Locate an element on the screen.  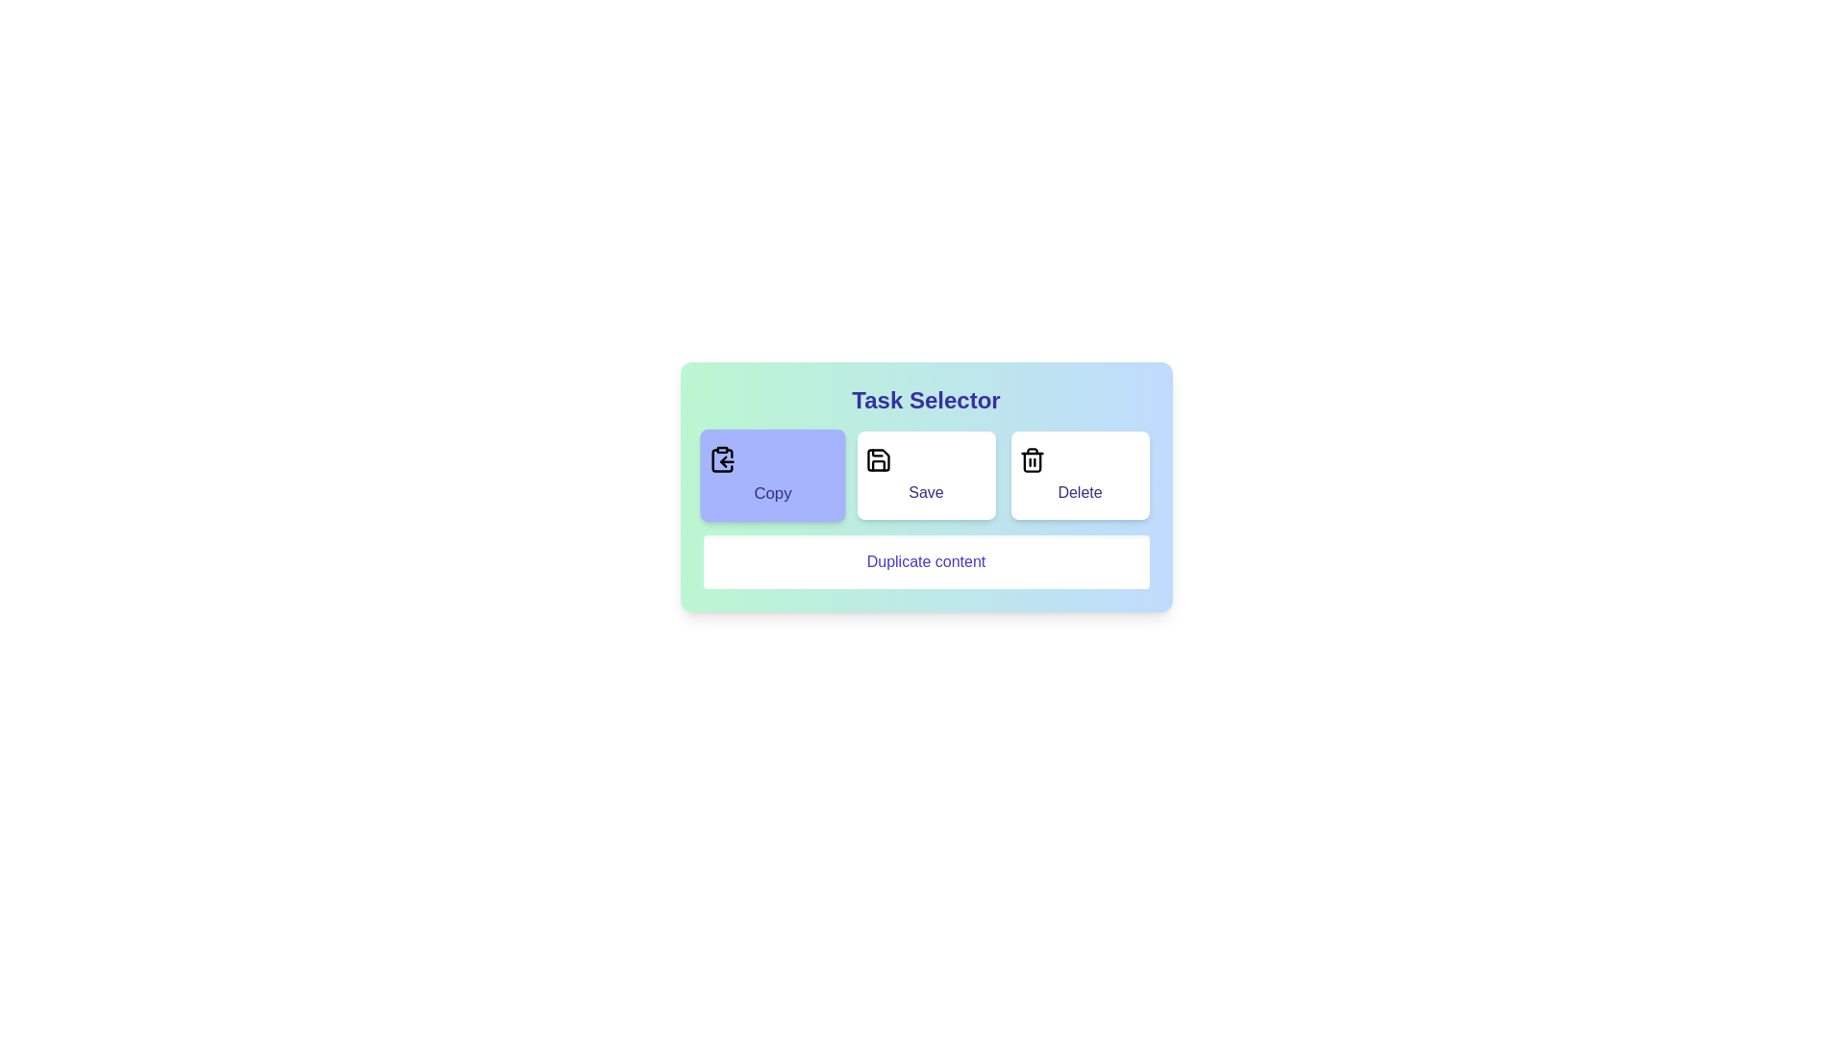
the Delete button to select it is located at coordinates (1080, 475).